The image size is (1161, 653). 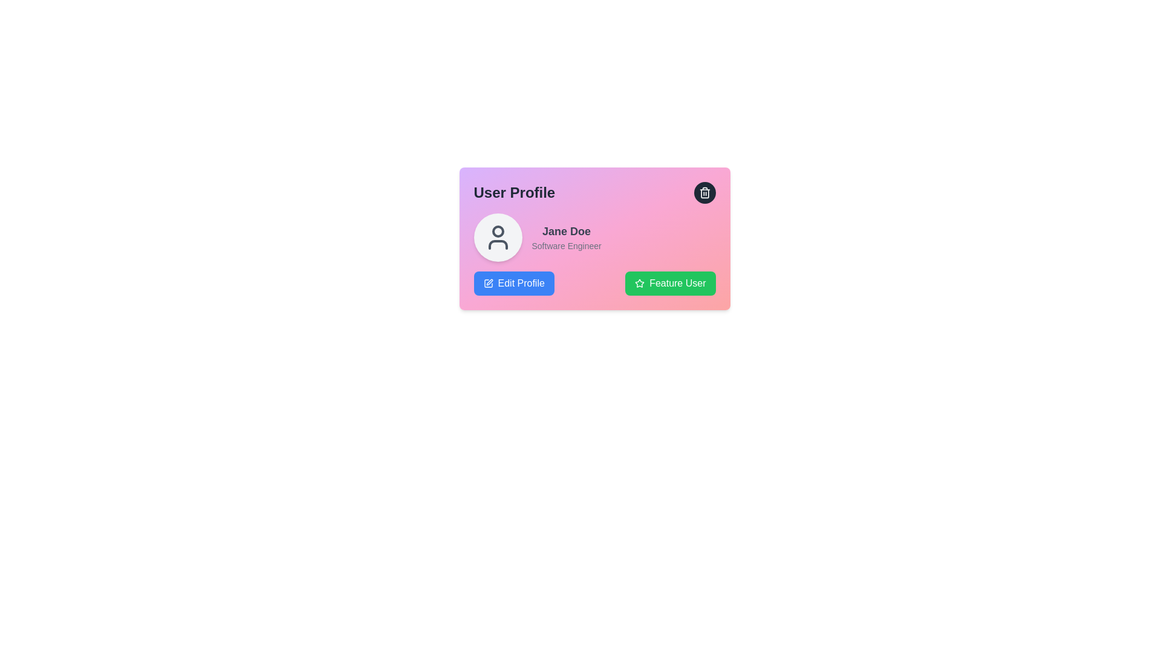 What do you see at coordinates (566, 231) in the screenshot?
I see `the text label displaying the name 'Jane Doe' located centrally within the user profile card, positioned above the text 'Software Engineer'` at bounding box center [566, 231].